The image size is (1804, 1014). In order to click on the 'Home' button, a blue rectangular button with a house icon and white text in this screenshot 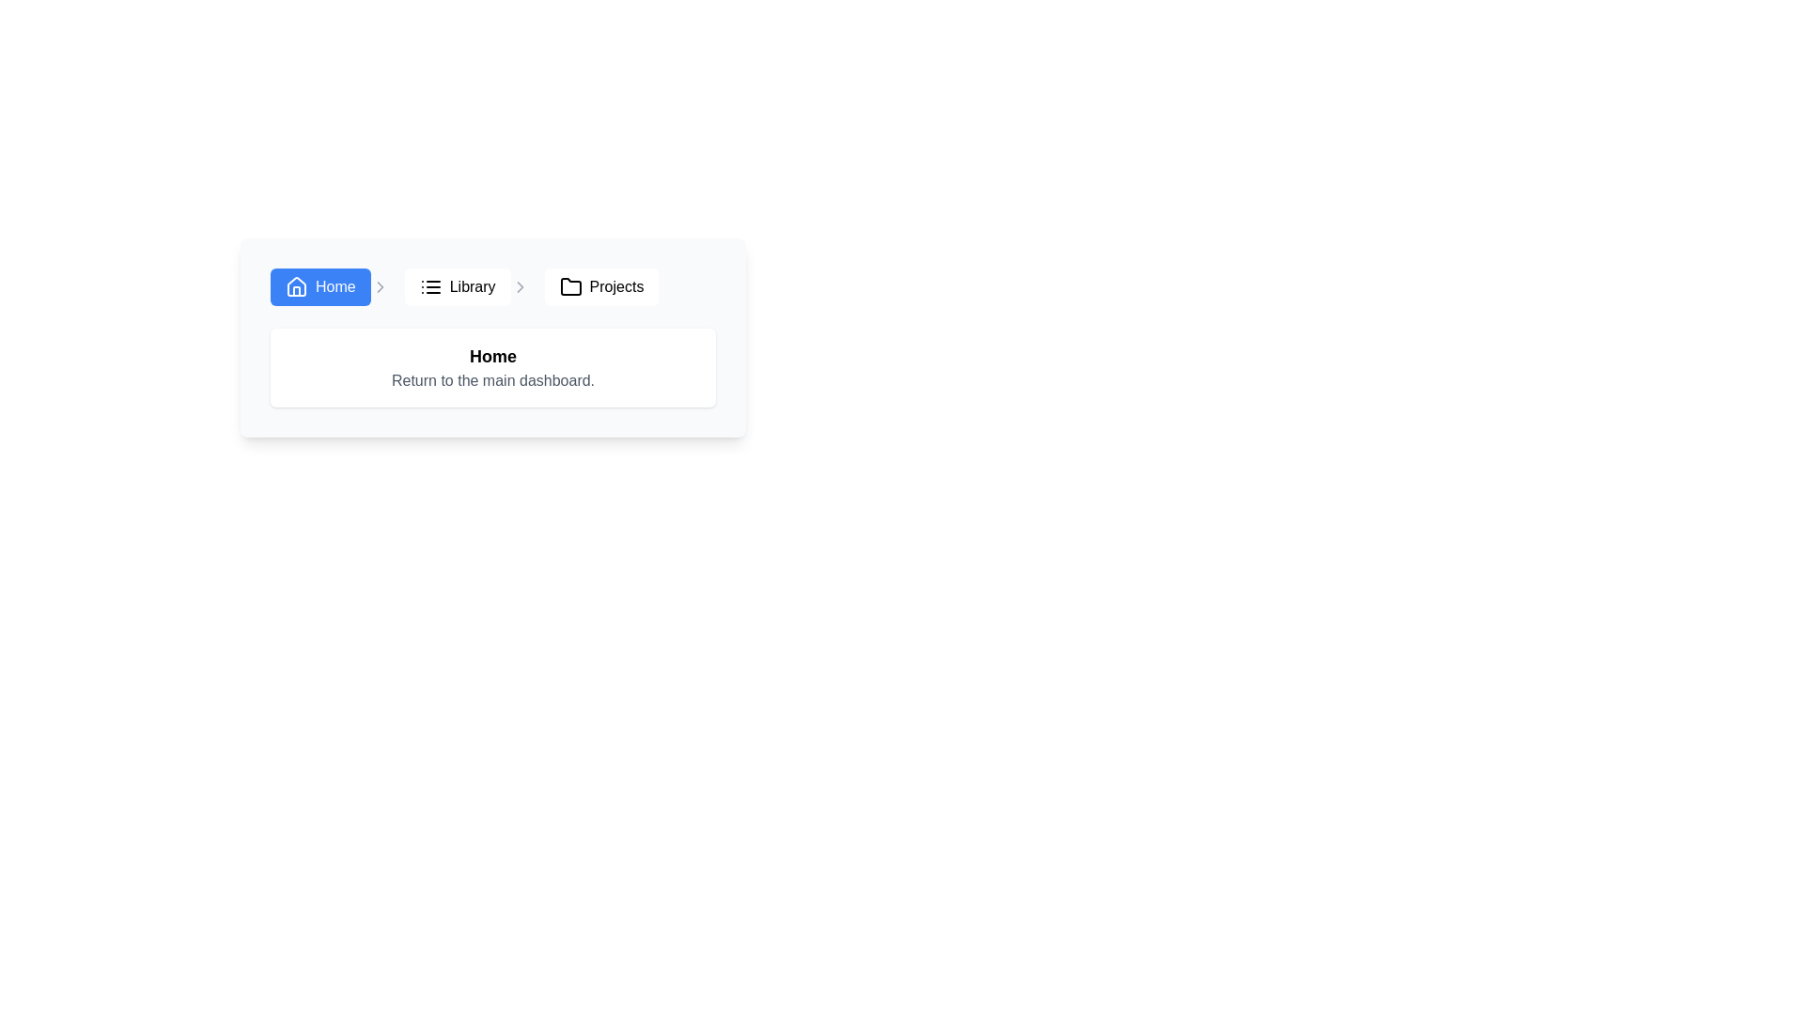, I will do `click(320, 286)`.